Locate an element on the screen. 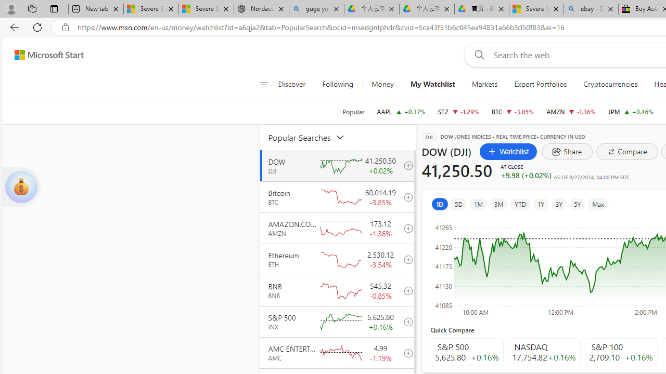 The image size is (666, 374). '1Y' is located at coordinates (540, 204).